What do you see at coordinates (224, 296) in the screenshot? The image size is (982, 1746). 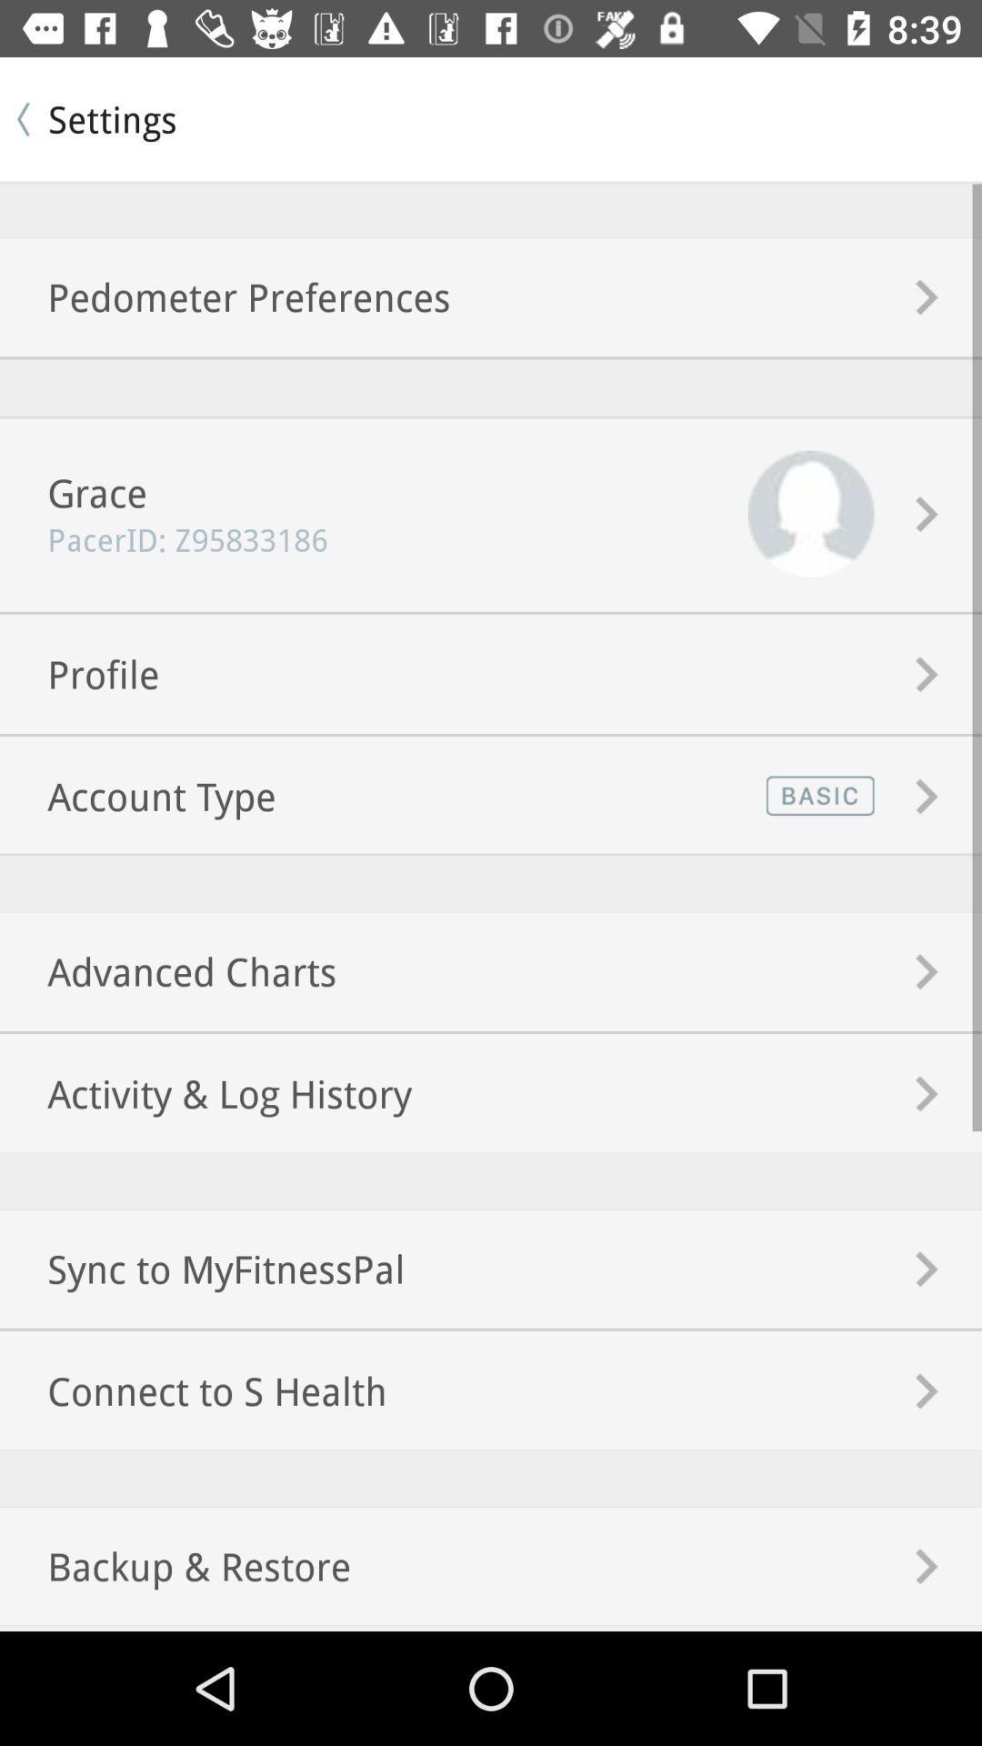 I see `pedometer preferences item` at bounding box center [224, 296].